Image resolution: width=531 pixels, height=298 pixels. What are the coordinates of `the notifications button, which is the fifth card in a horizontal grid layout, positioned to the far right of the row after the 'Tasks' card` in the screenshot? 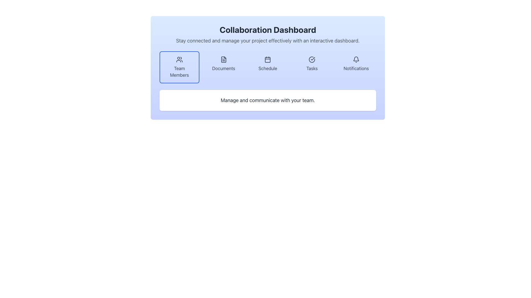 It's located at (356, 67).